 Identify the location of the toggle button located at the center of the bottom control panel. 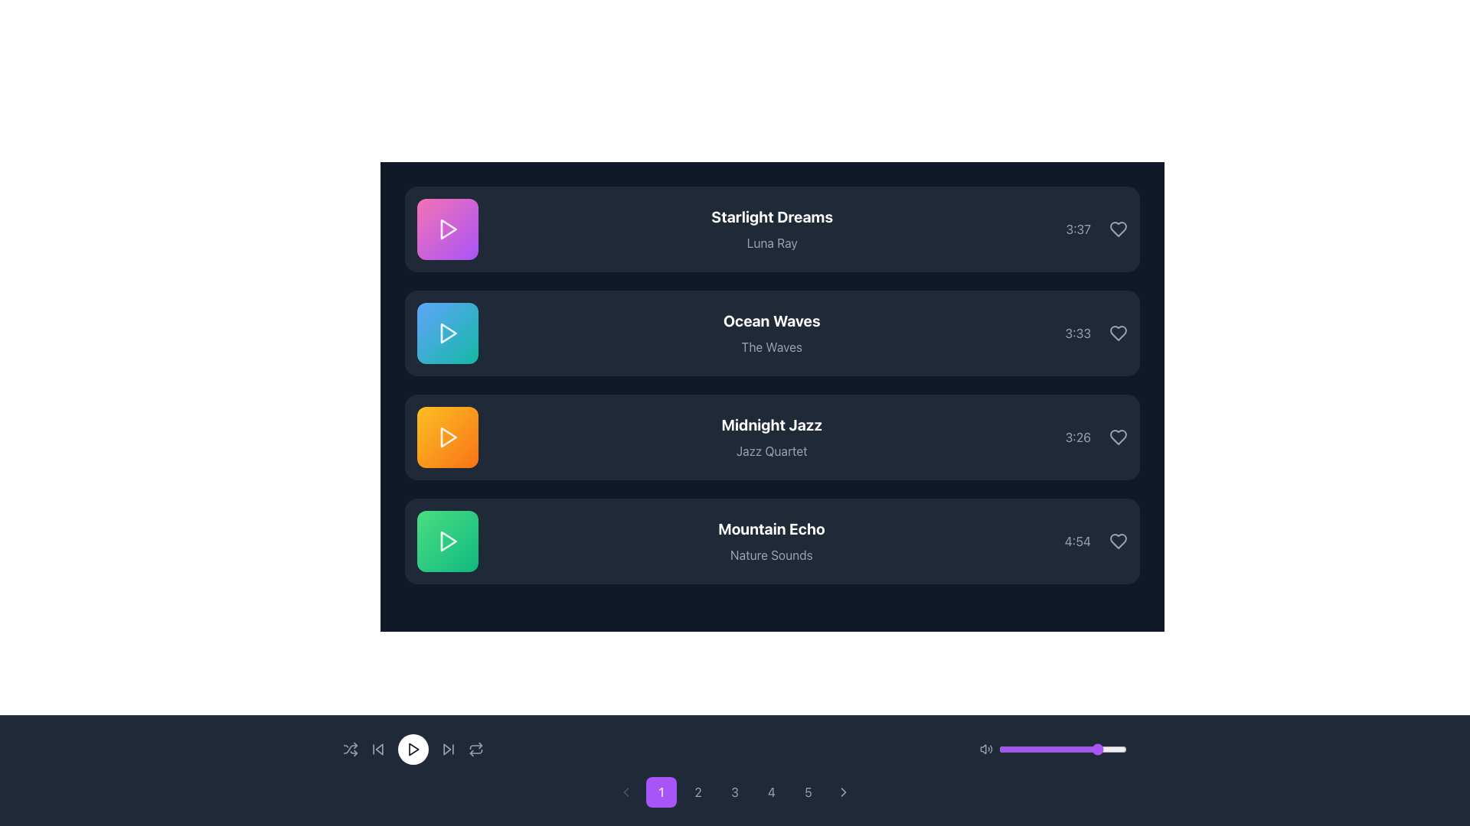
(475, 748).